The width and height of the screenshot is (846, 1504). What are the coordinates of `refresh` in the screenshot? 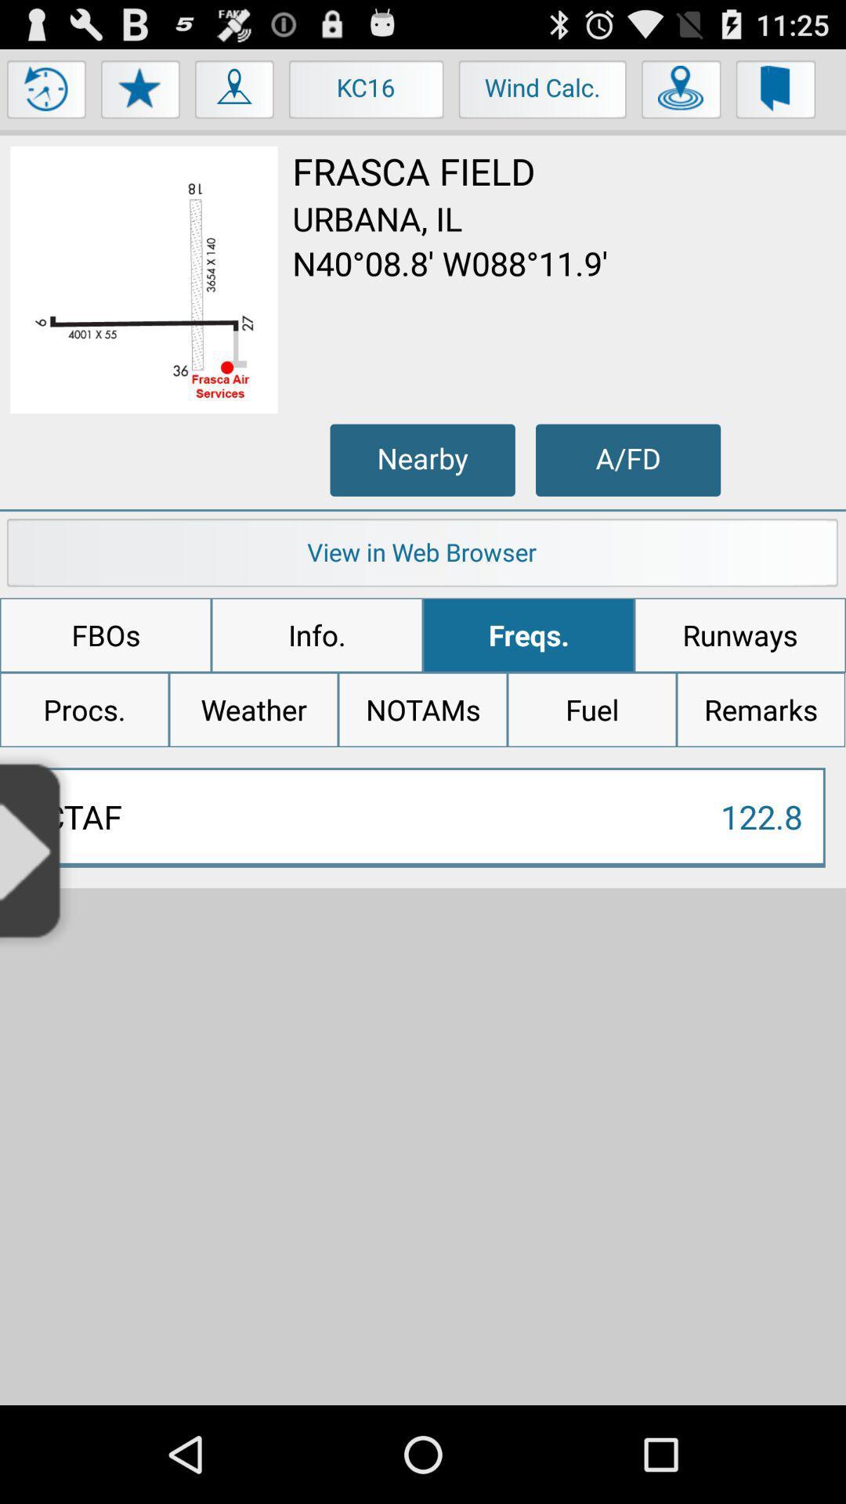 It's located at (46, 92).